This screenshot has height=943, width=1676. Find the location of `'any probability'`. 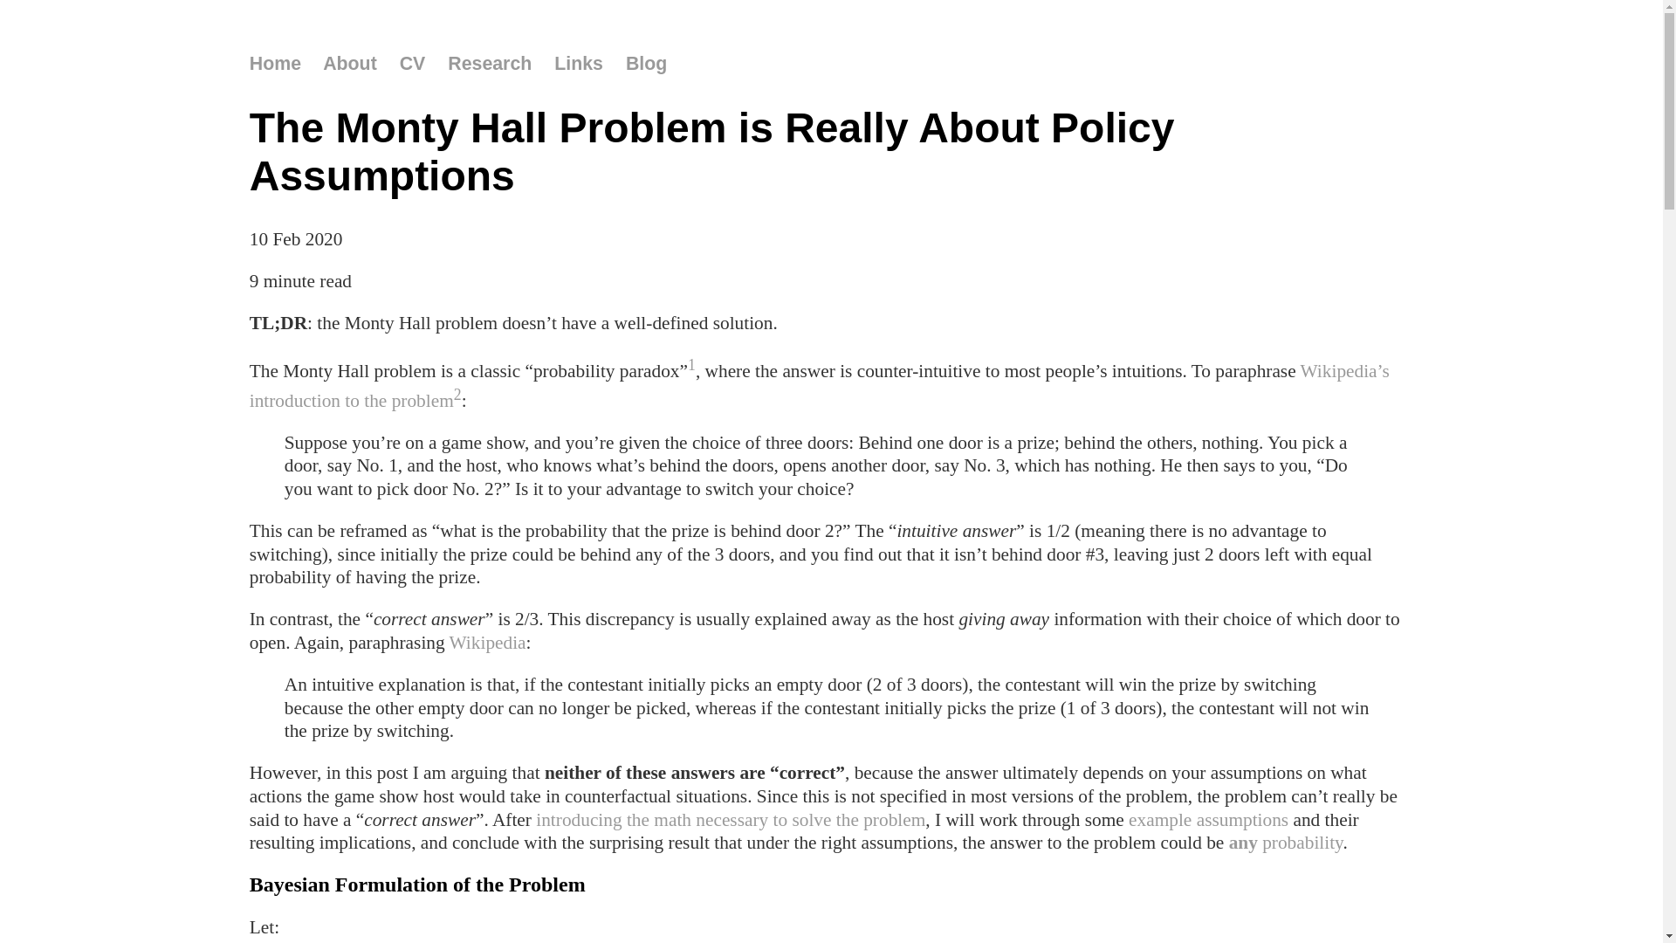

'any probability' is located at coordinates (1286, 841).